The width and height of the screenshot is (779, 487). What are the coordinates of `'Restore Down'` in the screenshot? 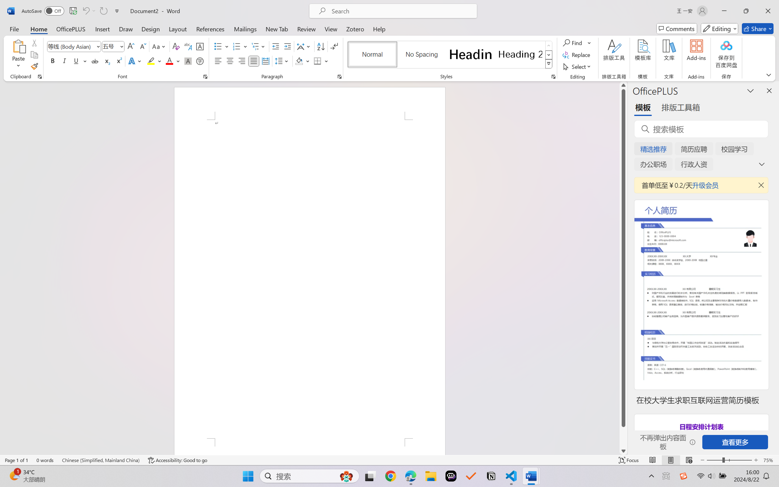 It's located at (746, 11).